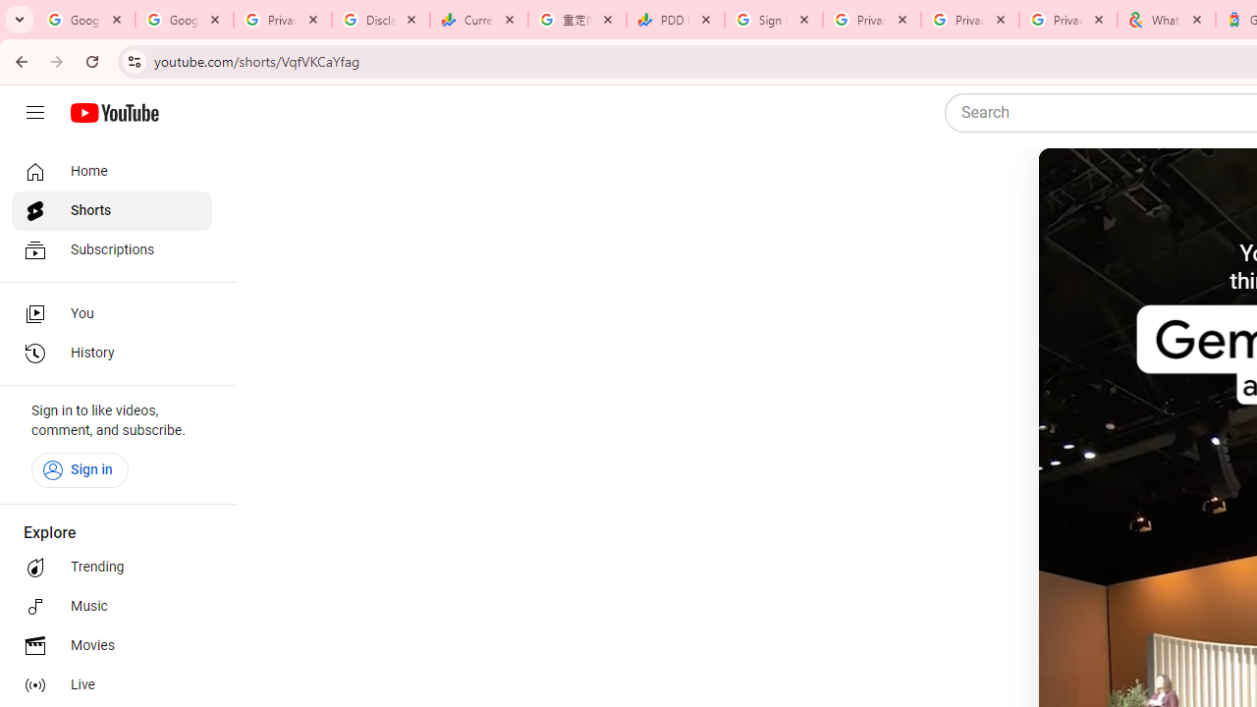 This screenshot has width=1257, height=707. What do you see at coordinates (676, 20) in the screenshot?
I see `'PDD Holdings Inc - ADR (PDD) Price & News - Google Finance'` at bounding box center [676, 20].